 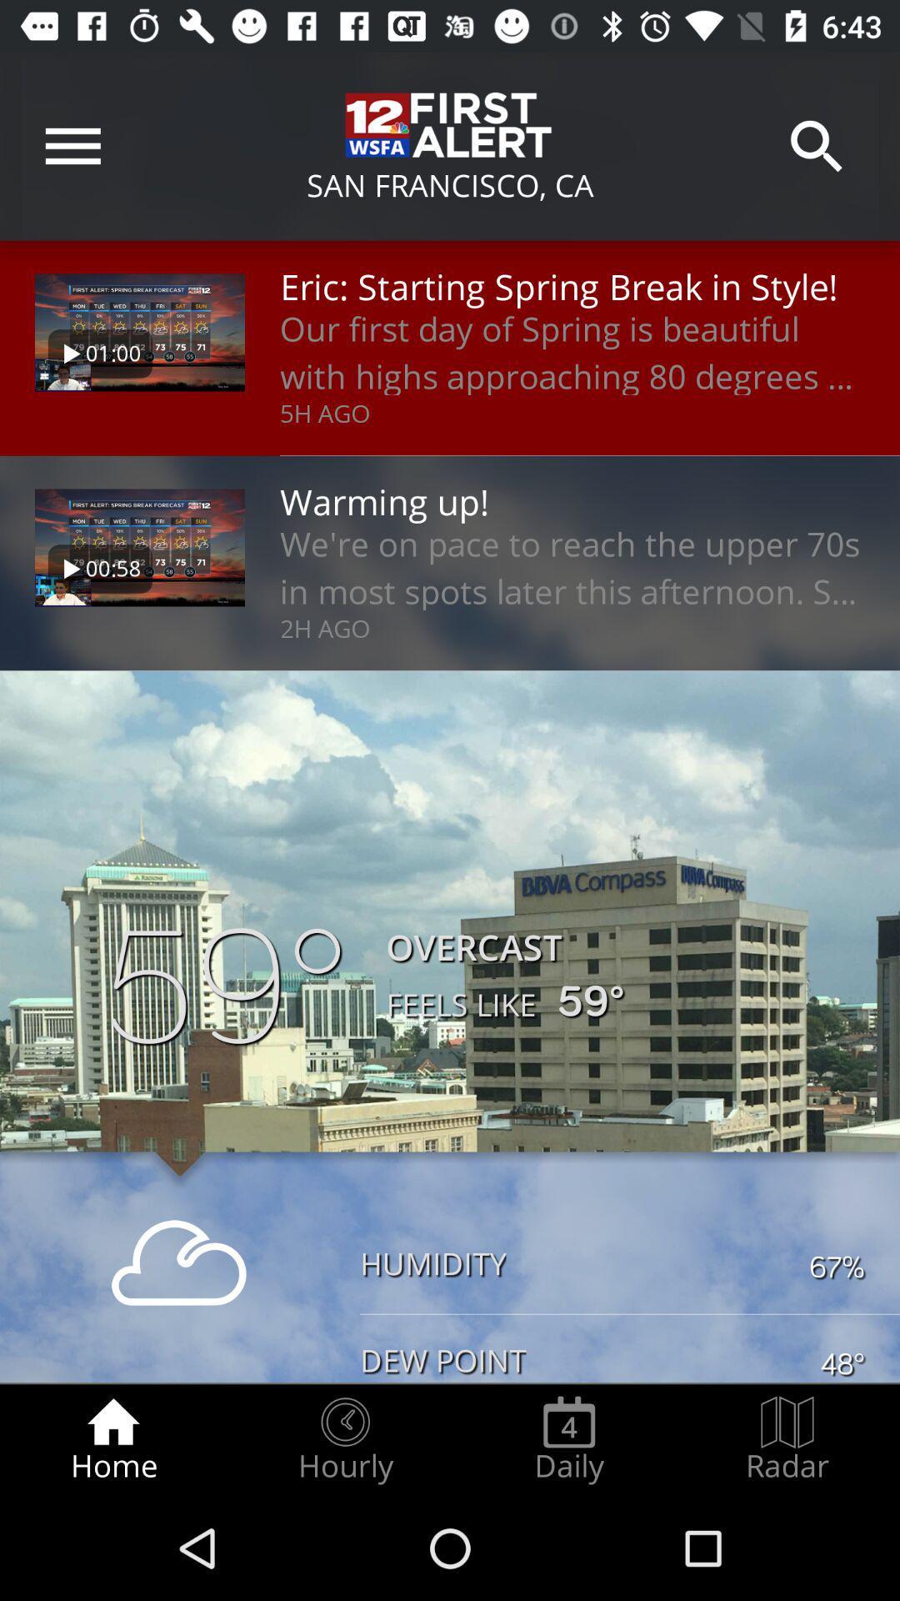 What do you see at coordinates (568, 1439) in the screenshot?
I see `radio button next to hourly icon` at bounding box center [568, 1439].